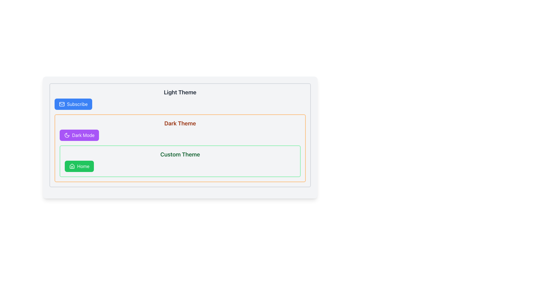  Describe the element at coordinates (62, 104) in the screenshot. I see `the mail icon located inside the blue 'Subscribe' button in the top-left region of the interface` at that location.